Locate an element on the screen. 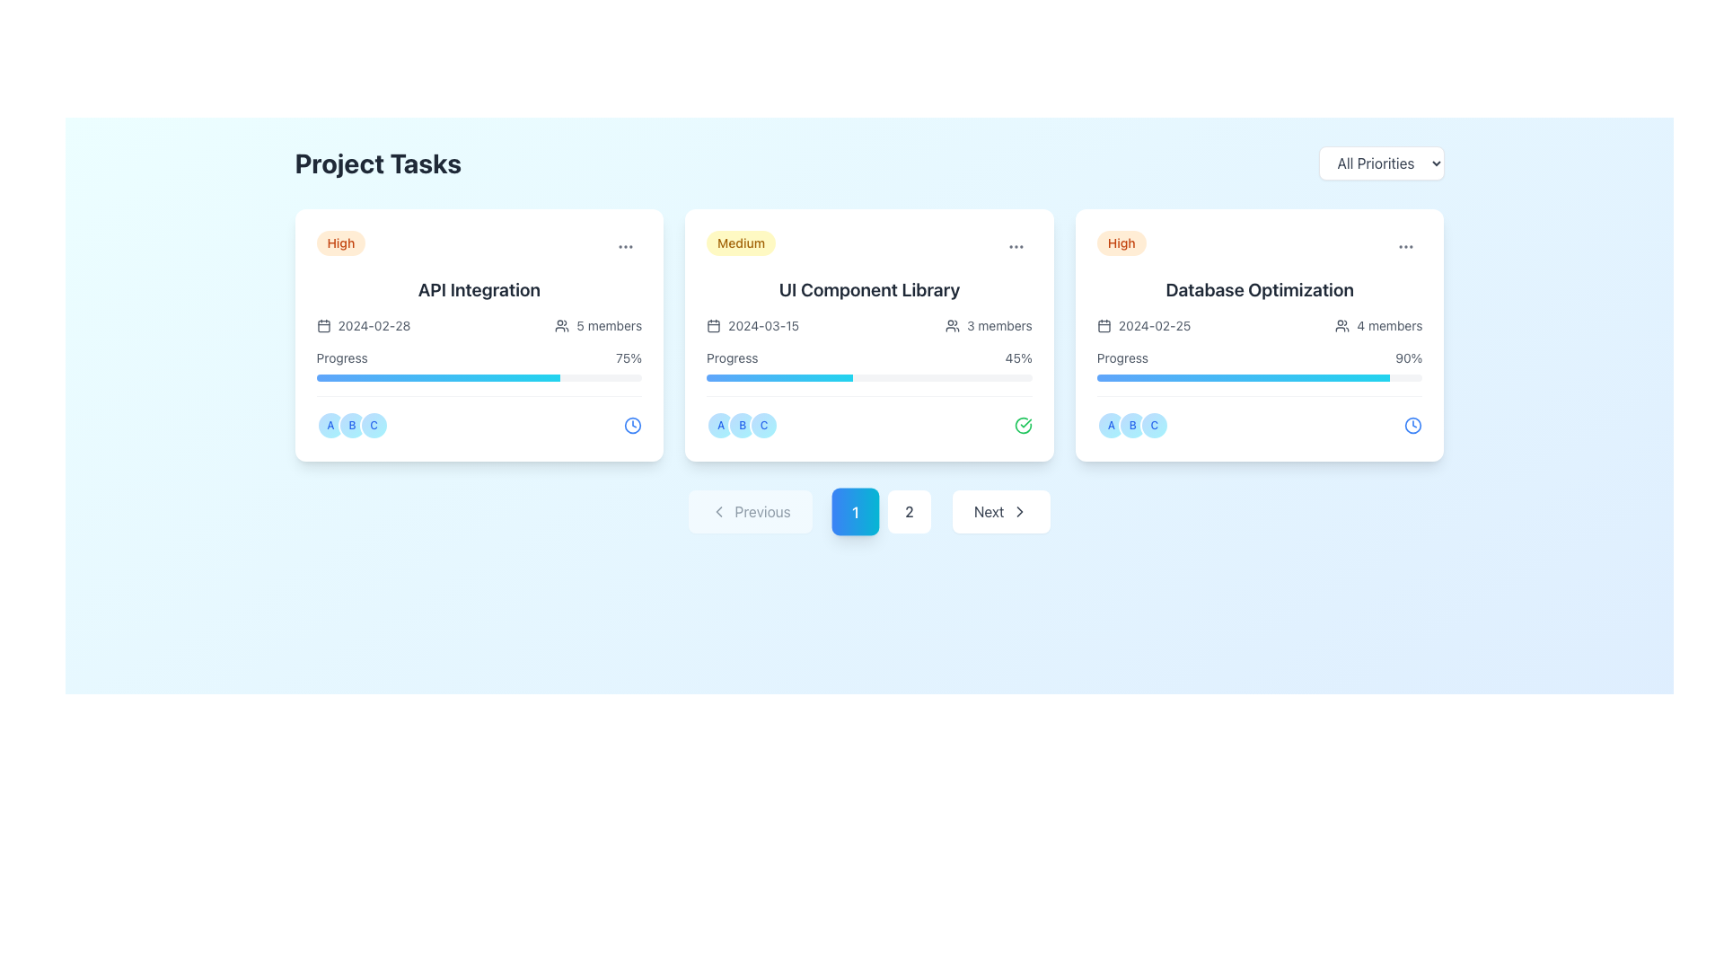 The image size is (1724, 970). the progress status of the horizontal blue gradient progress bar located within the 'API Integration' project card, positioned under the 'Progress' section is located at coordinates (438, 376).